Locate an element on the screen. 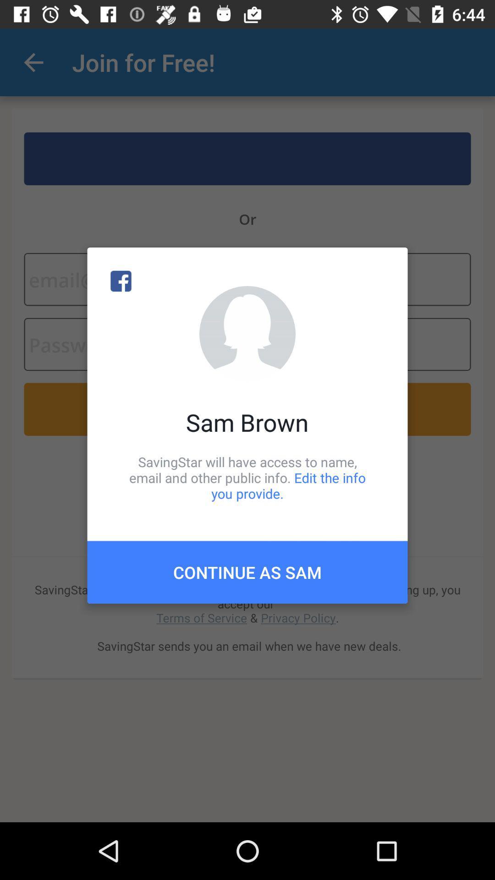  savingstar will have is located at coordinates (247, 477).